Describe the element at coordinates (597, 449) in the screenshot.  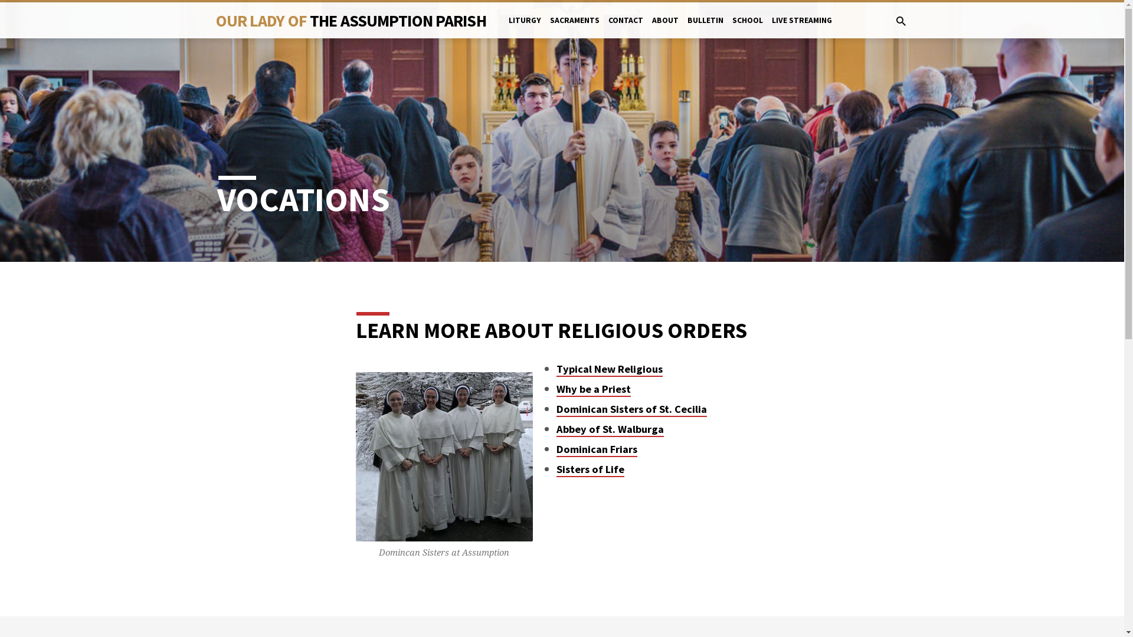
I see `'Dominican Friars'` at that location.